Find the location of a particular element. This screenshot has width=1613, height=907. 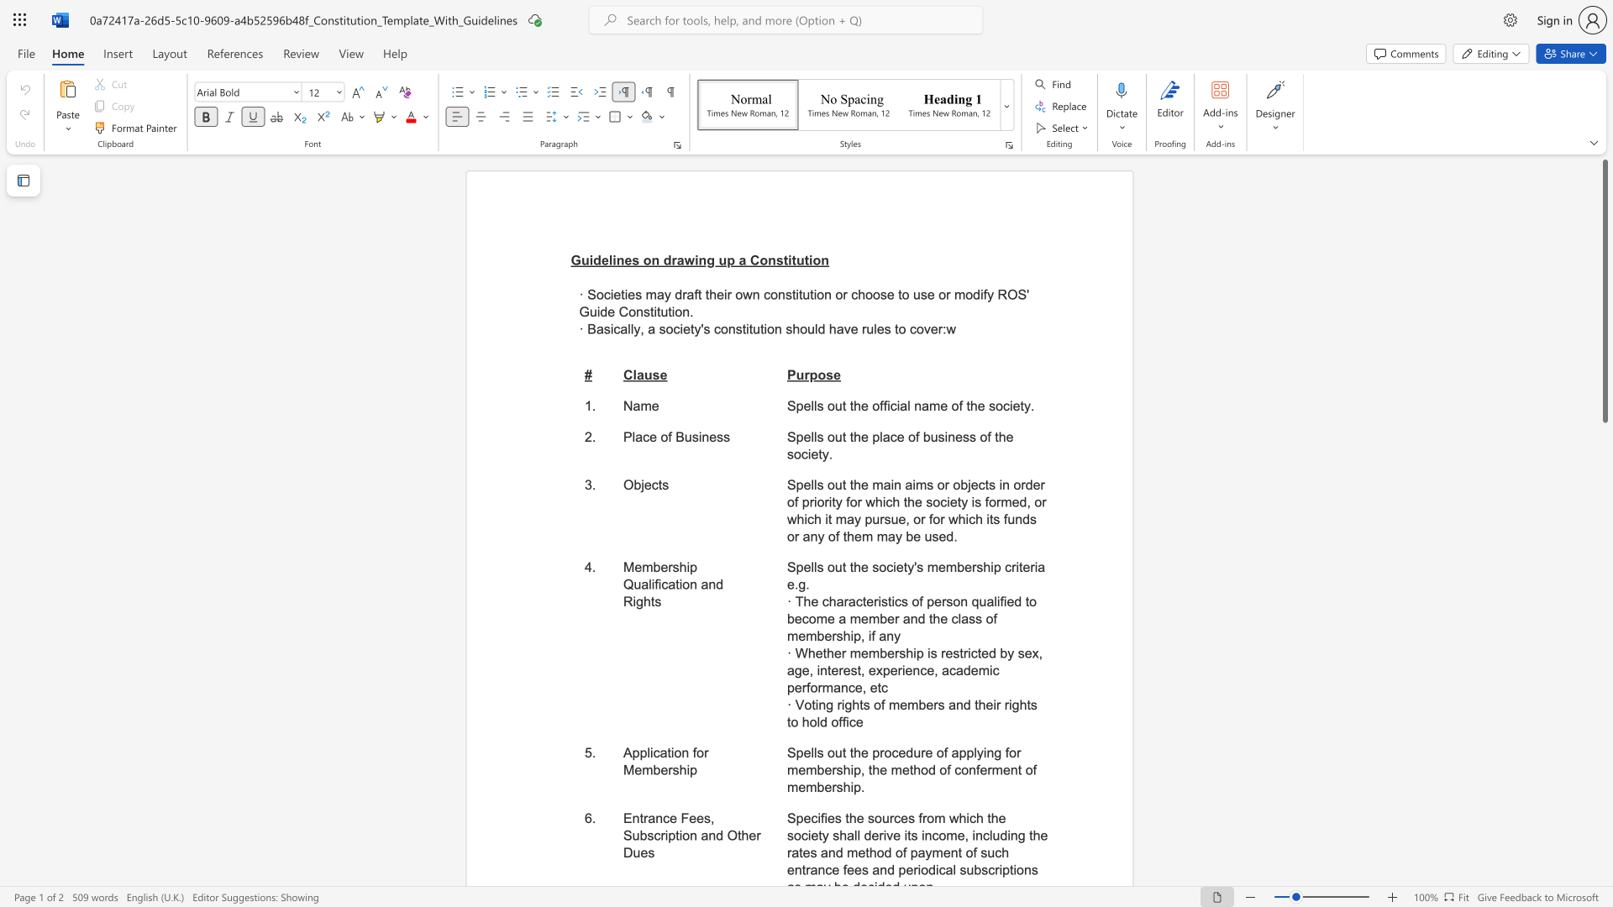

the scrollbar to scroll the page down is located at coordinates (1604, 546).